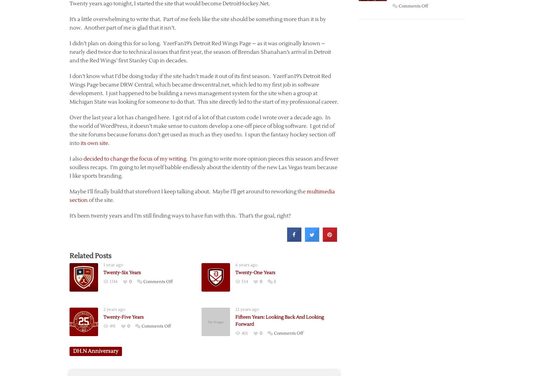 The height and width of the screenshot is (376, 535). I want to click on 'DH.N Anniversary', so click(96, 351).